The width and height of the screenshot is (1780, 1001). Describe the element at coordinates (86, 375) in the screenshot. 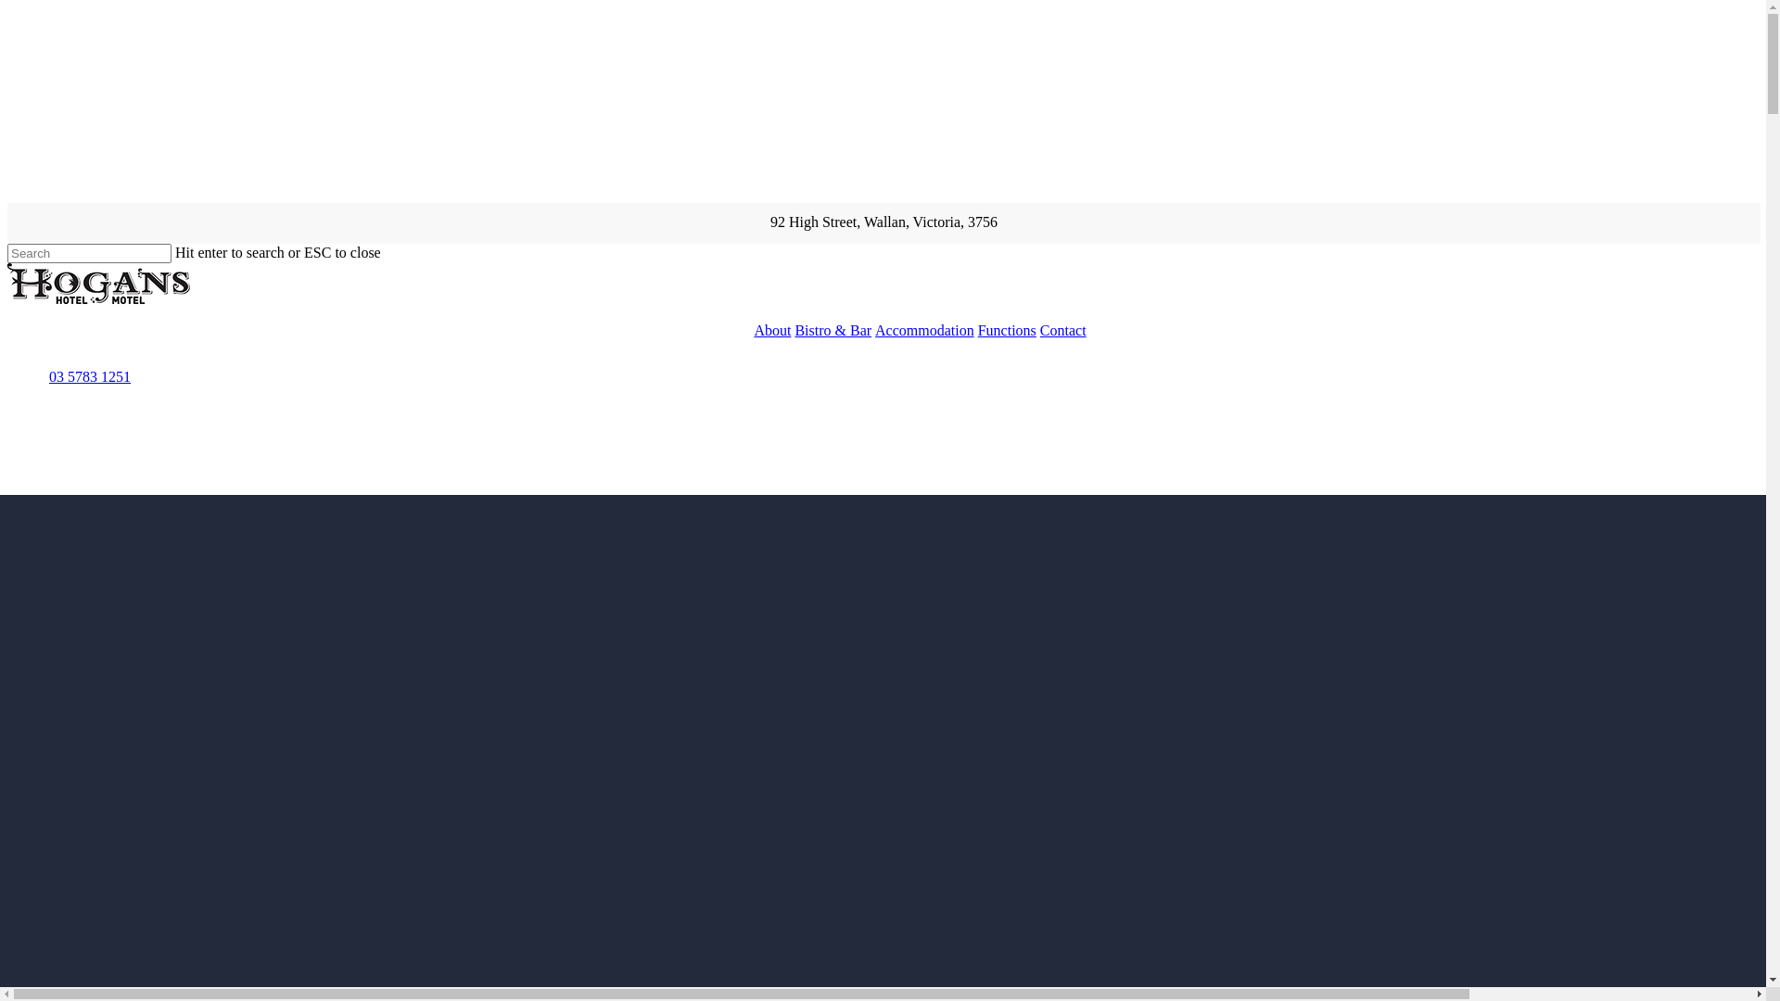

I see `'03 5783 1251'` at that location.